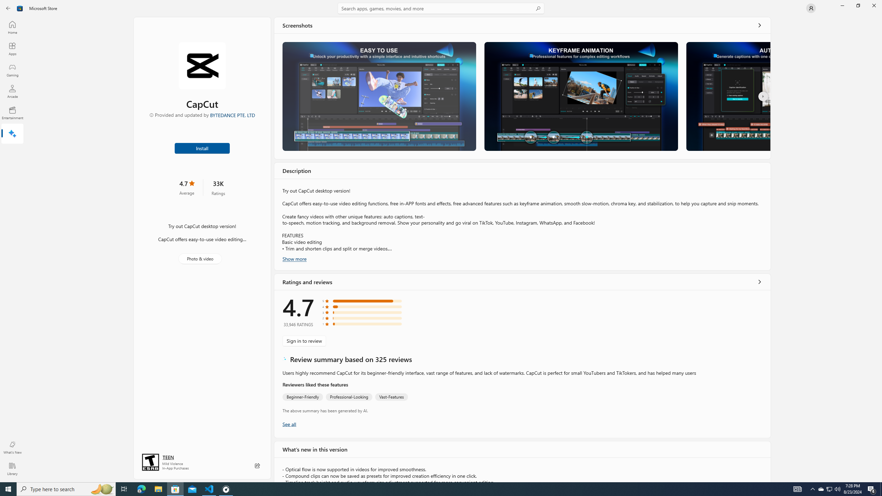 Image resolution: width=882 pixels, height=496 pixels. What do you see at coordinates (232, 115) in the screenshot?
I see `'BYTEDANCE PTE. LTD'` at bounding box center [232, 115].